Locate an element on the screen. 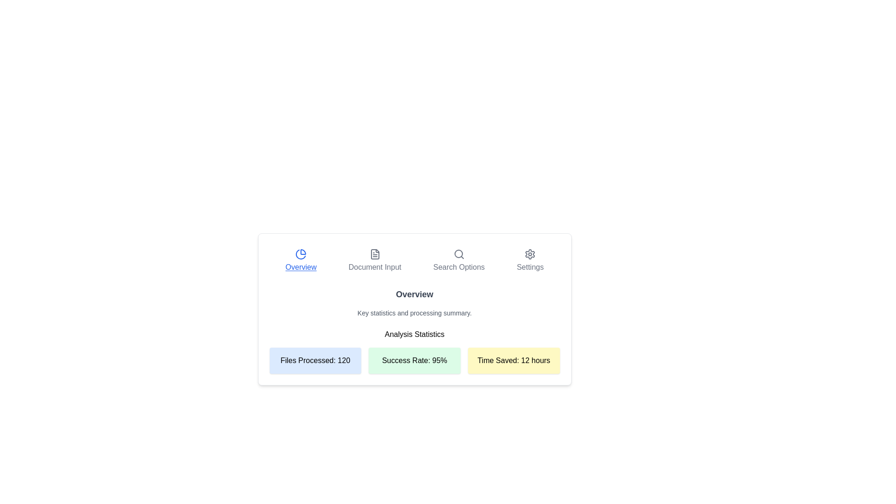 The height and width of the screenshot is (504, 896). the Informational statistic summary panel located near the bottom of the main content area, below the heading 'Analysis Statistics' is located at coordinates (414, 360).